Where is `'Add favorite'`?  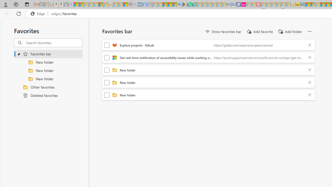
'Add favorite' is located at coordinates (259, 32).